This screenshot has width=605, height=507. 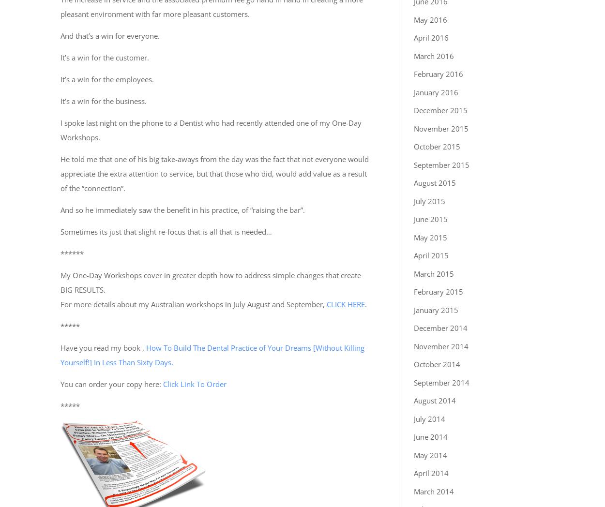 What do you see at coordinates (413, 345) in the screenshot?
I see `'November 2014'` at bounding box center [413, 345].